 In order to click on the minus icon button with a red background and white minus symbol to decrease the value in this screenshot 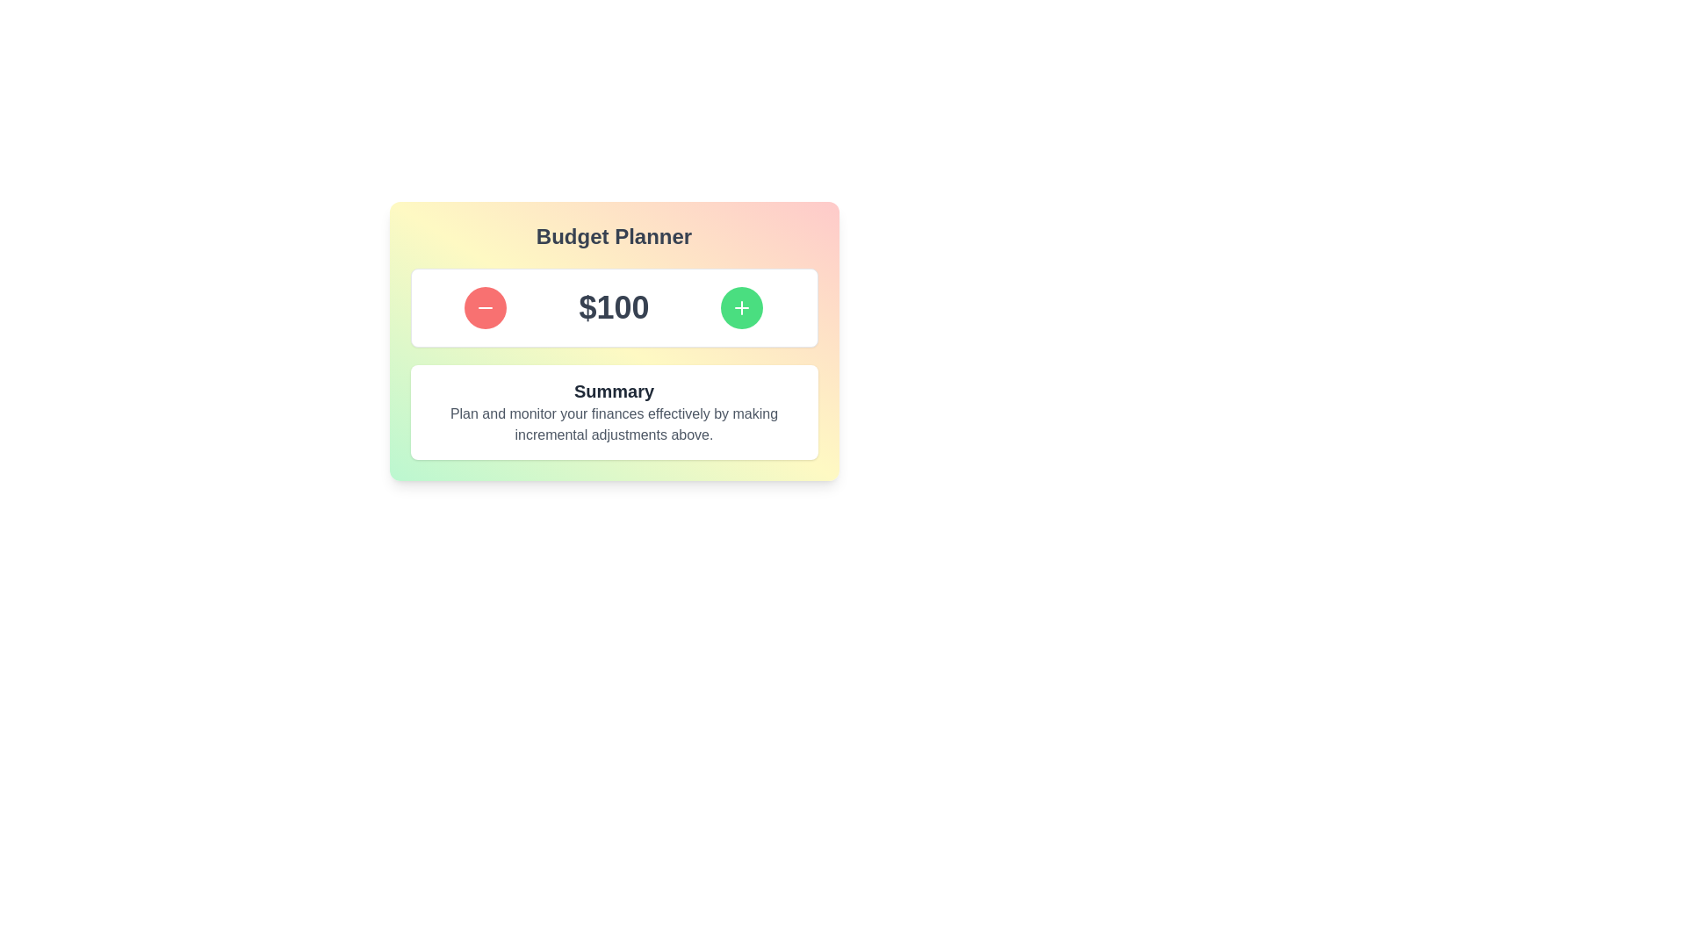, I will do `click(486, 307)`.